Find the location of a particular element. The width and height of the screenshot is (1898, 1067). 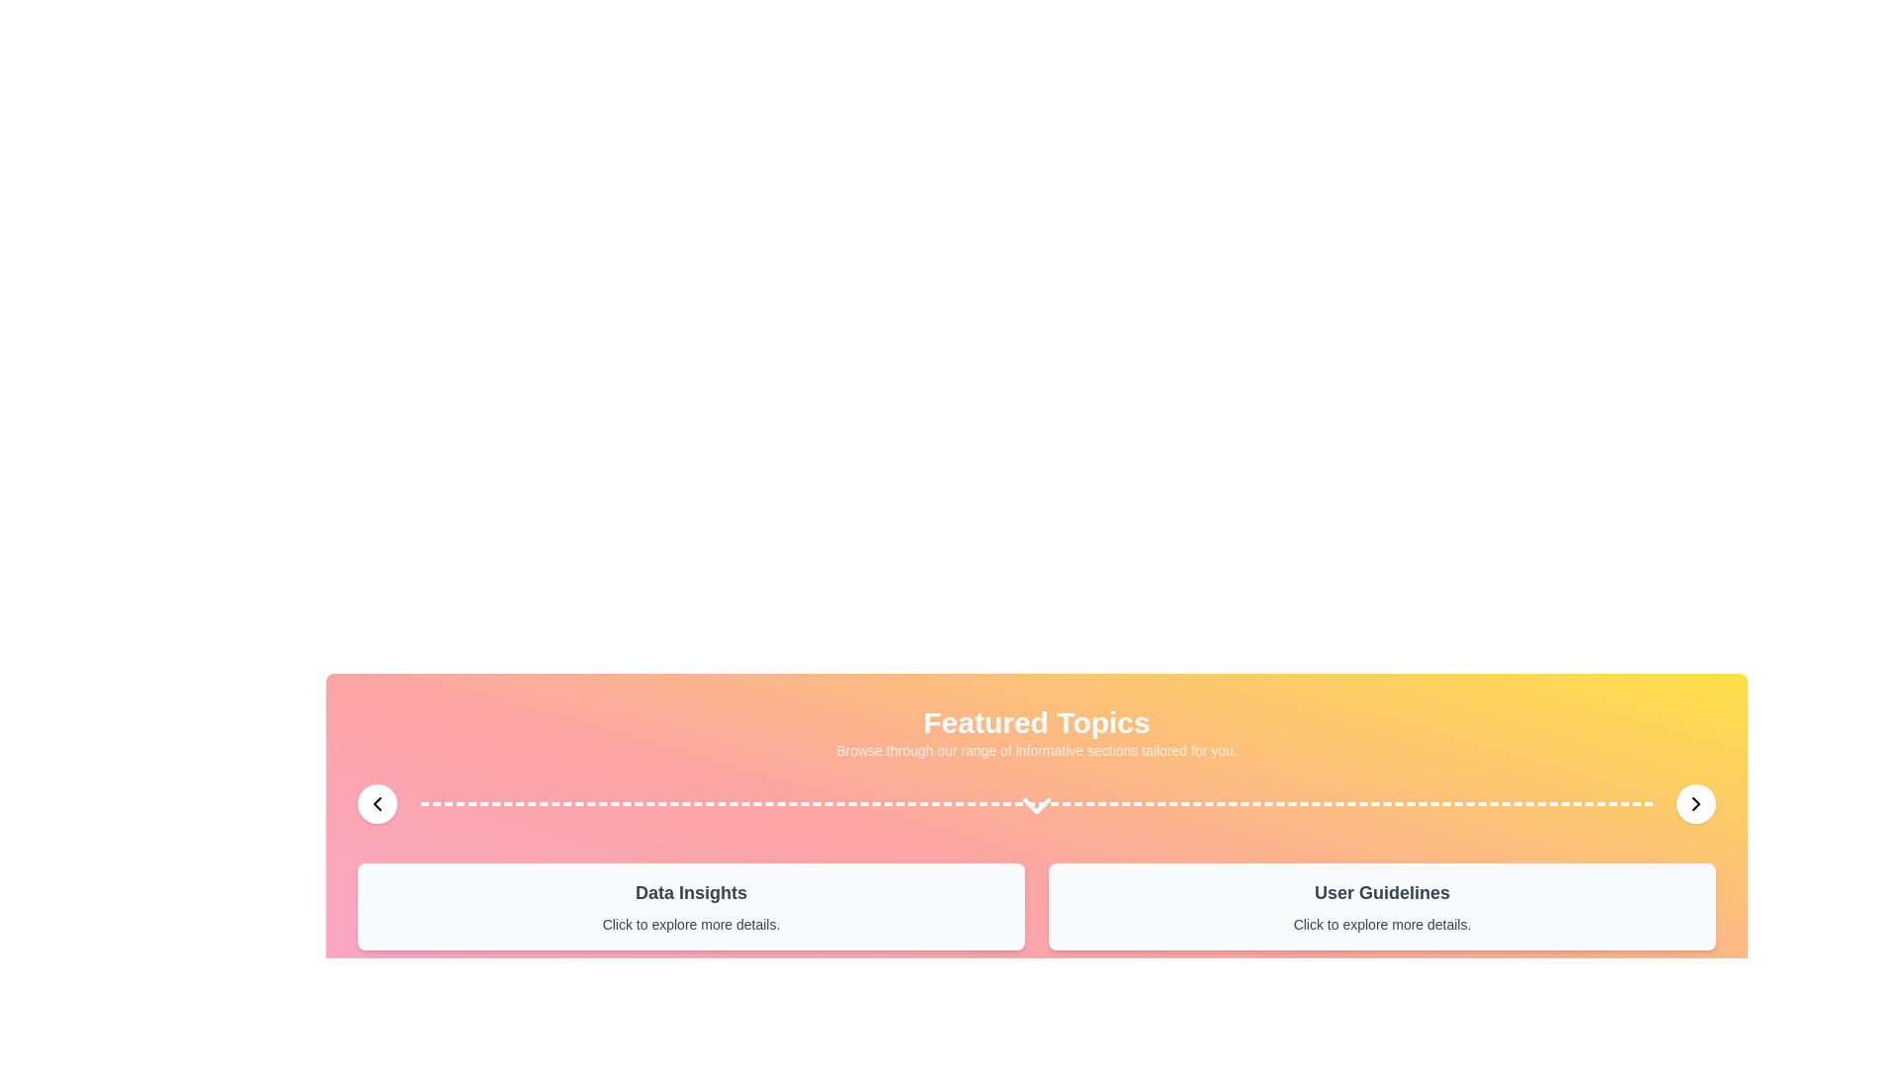

the 'Data Insights' card component located in the top row, first column of the grid layout is located at coordinates (691, 907).